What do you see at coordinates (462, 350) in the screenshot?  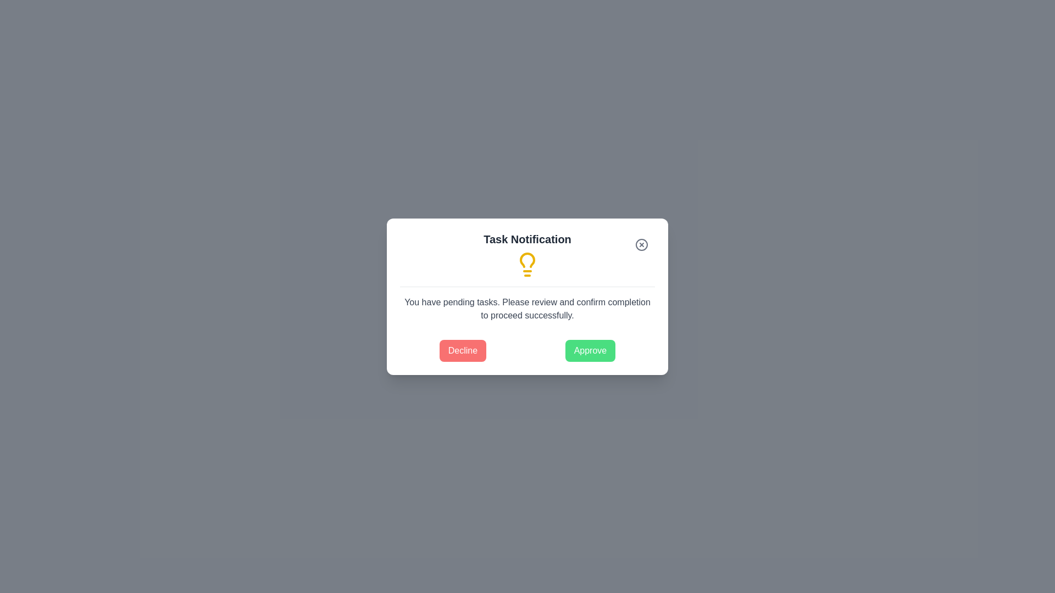 I see `the Decline button to decline the pending tasks` at bounding box center [462, 350].